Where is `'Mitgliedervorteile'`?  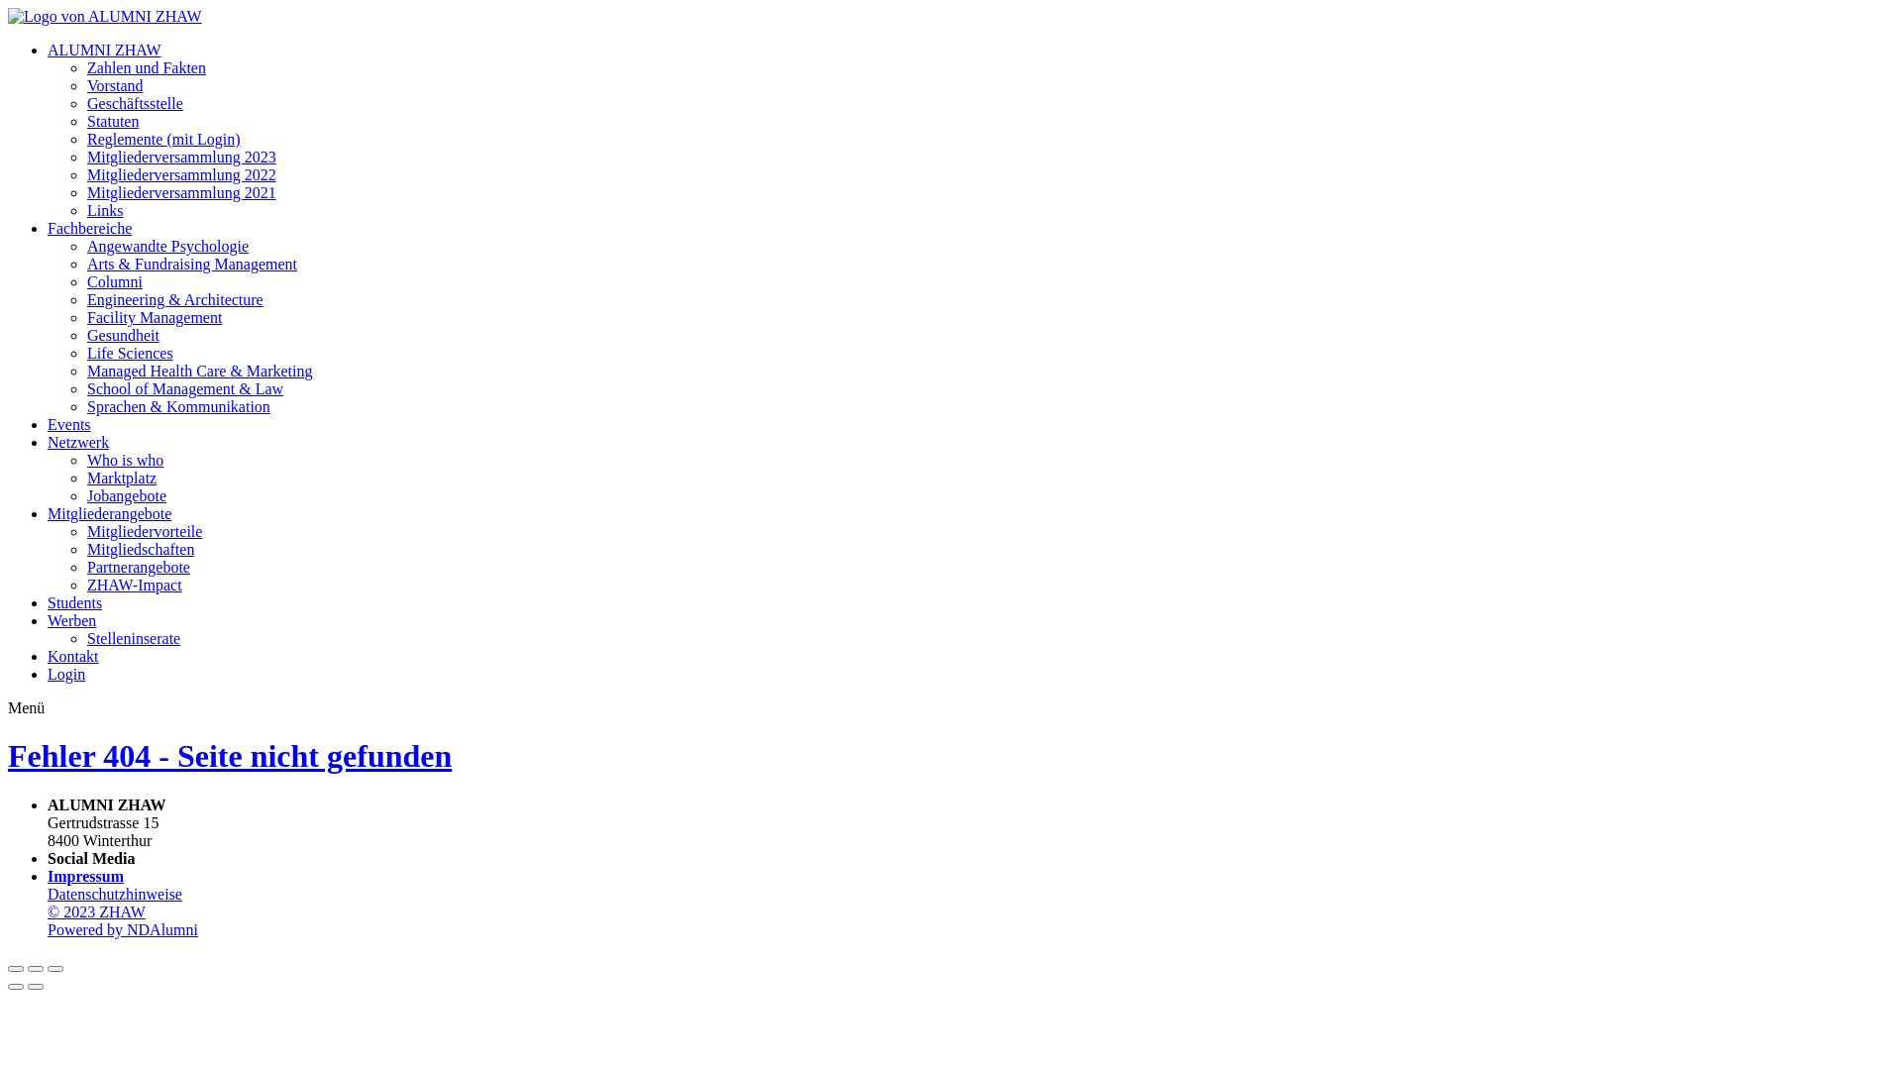 'Mitgliedervorteile' is located at coordinates (143, 530).